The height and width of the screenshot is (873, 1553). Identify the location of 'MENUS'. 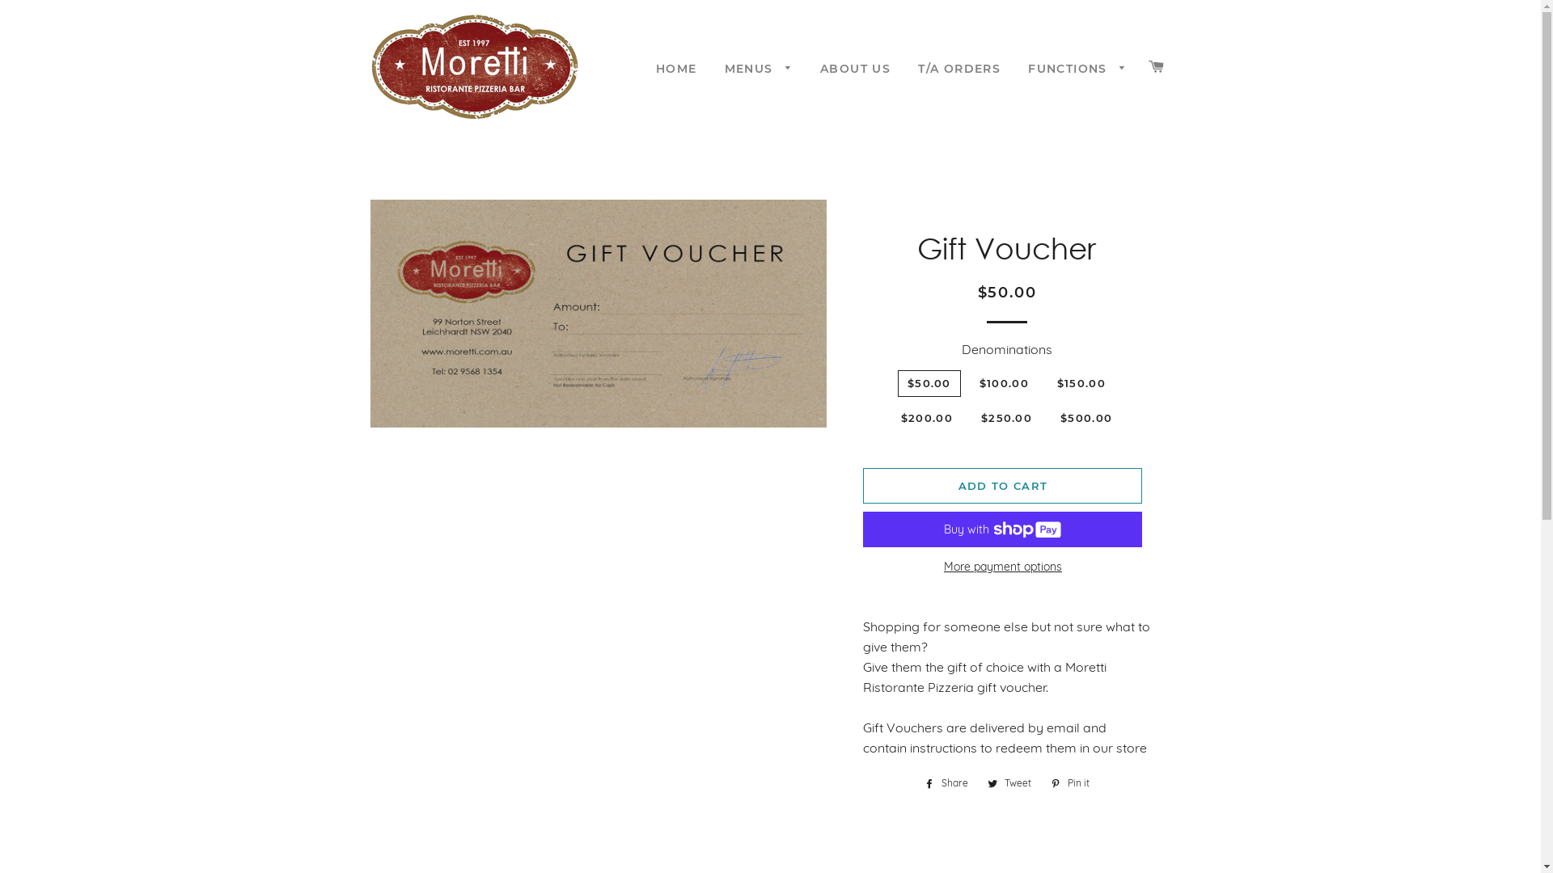
(757, 68).